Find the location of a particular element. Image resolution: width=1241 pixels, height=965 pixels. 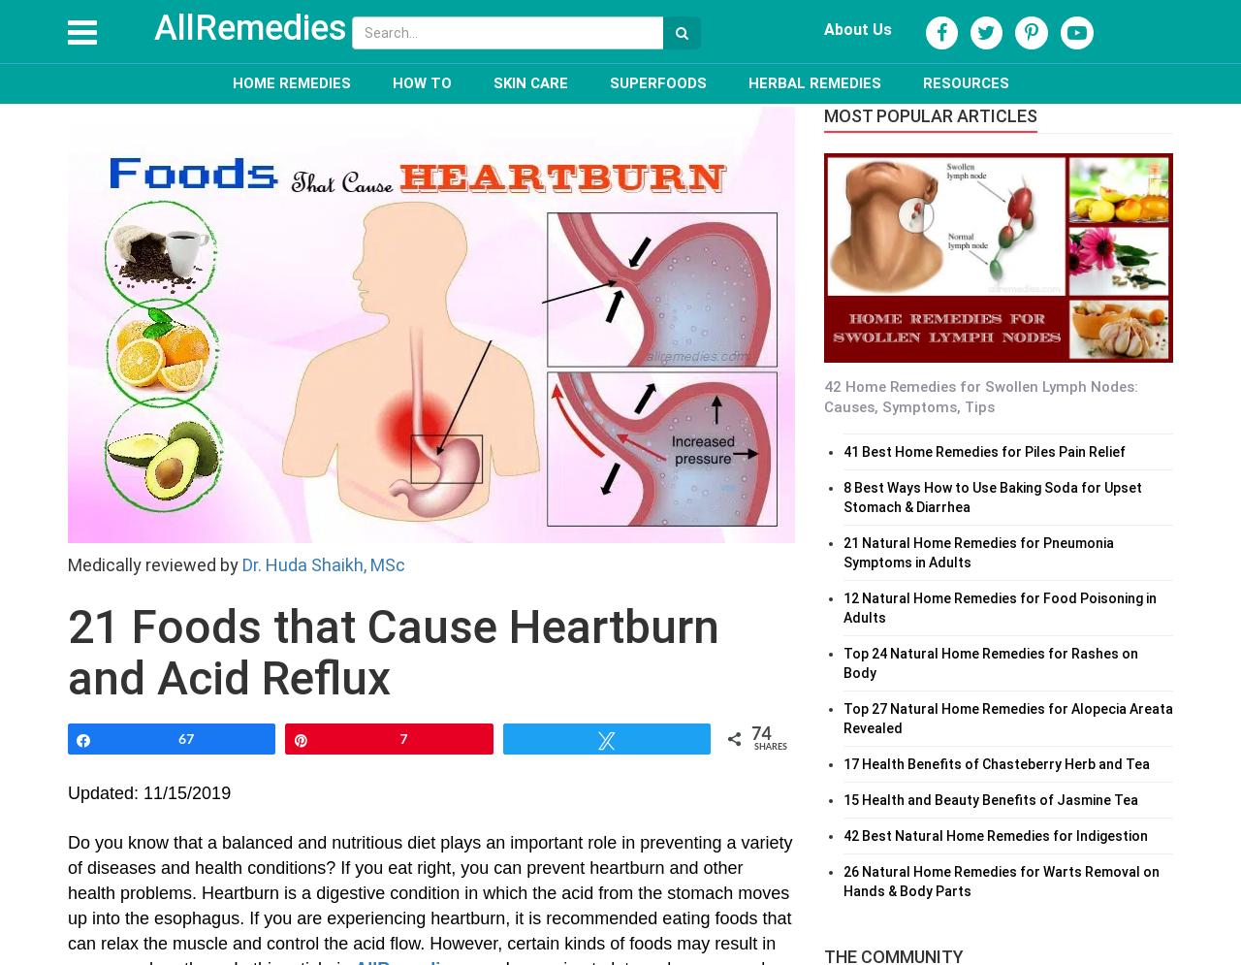

'Top 27 Natural Home Remedies for Alopecia Areata Revealed' is located at coordinates (1008, 716).